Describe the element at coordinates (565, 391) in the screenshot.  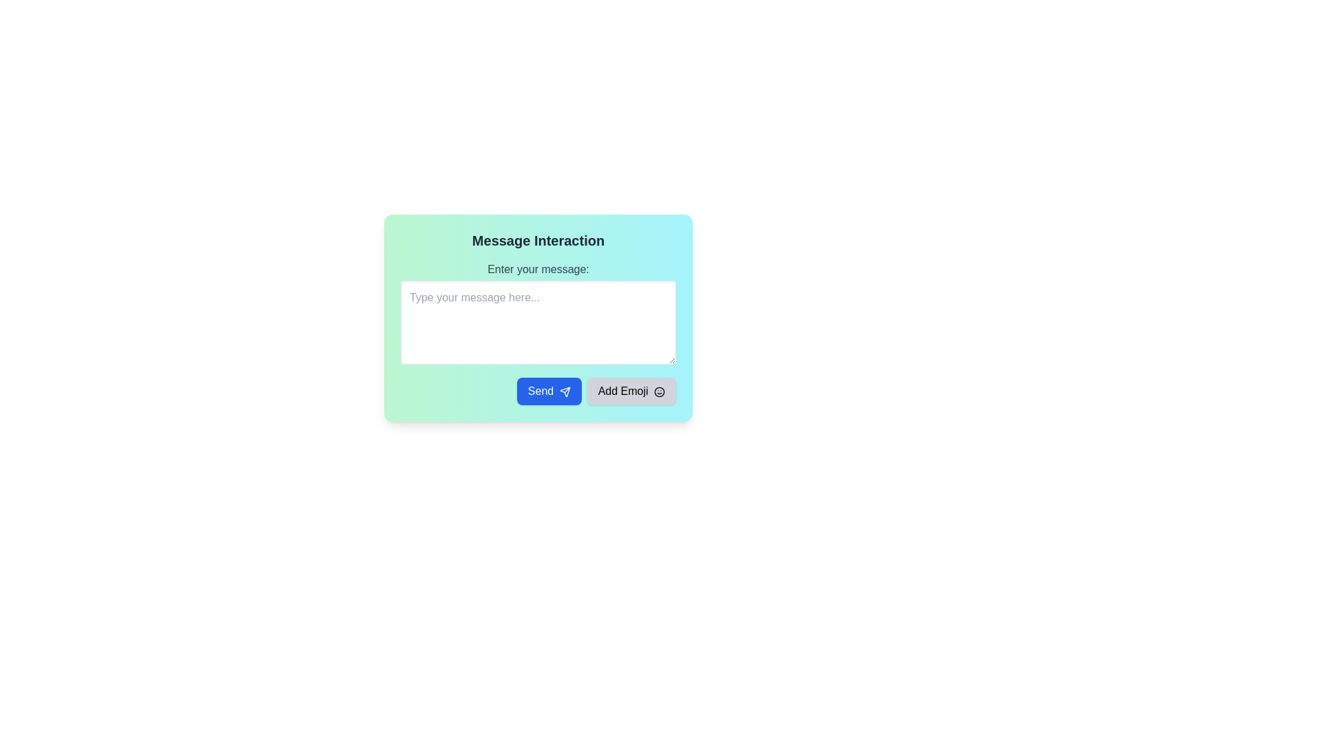
I see `the 'Send' button which has an accompanying icon indicating its functionality to send a message` at that location.